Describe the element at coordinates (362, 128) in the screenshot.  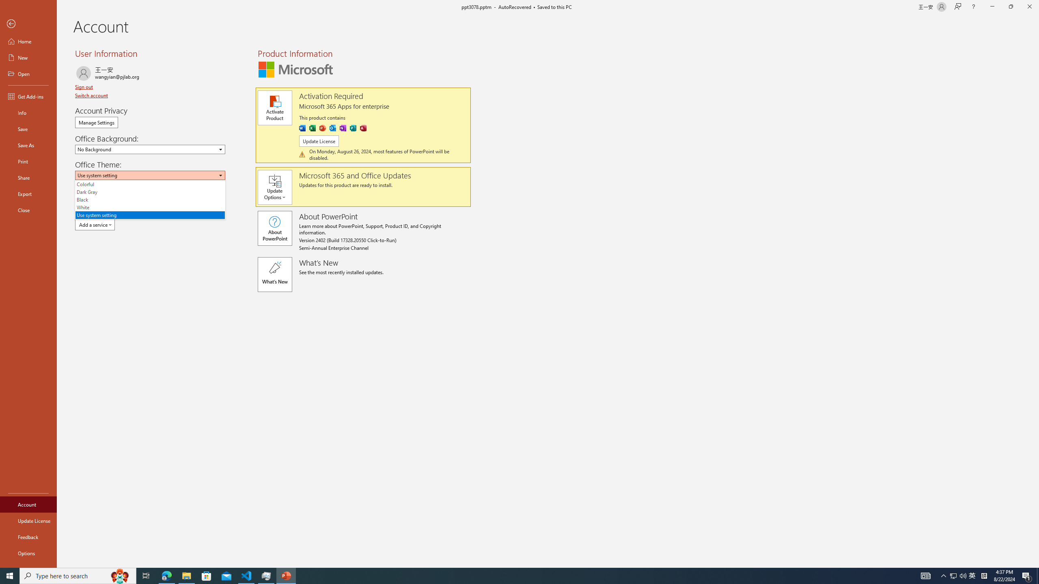
I see `'Access'` at that location.